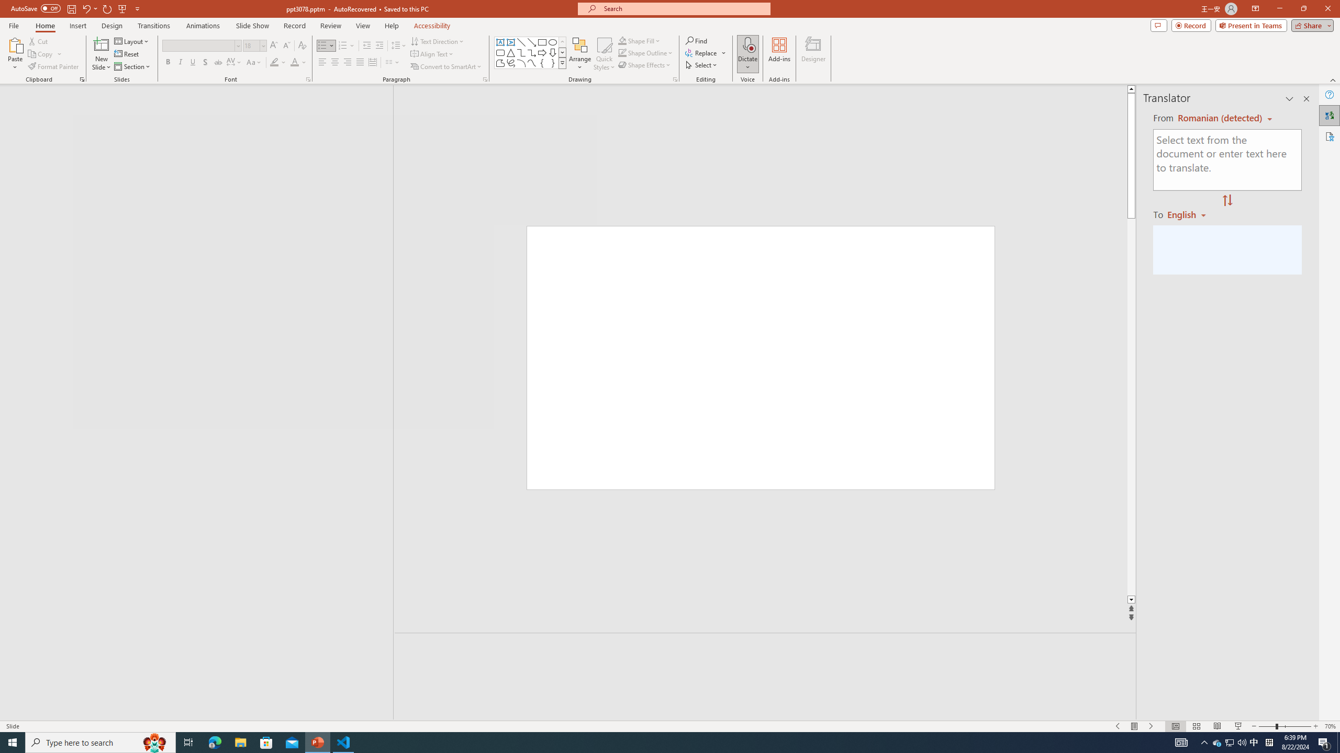 The height and width of the screenshot is (753, 1340). Describe the element at coordinates (500, 42) in the screenshot. I see `'Text Box'` at that location.